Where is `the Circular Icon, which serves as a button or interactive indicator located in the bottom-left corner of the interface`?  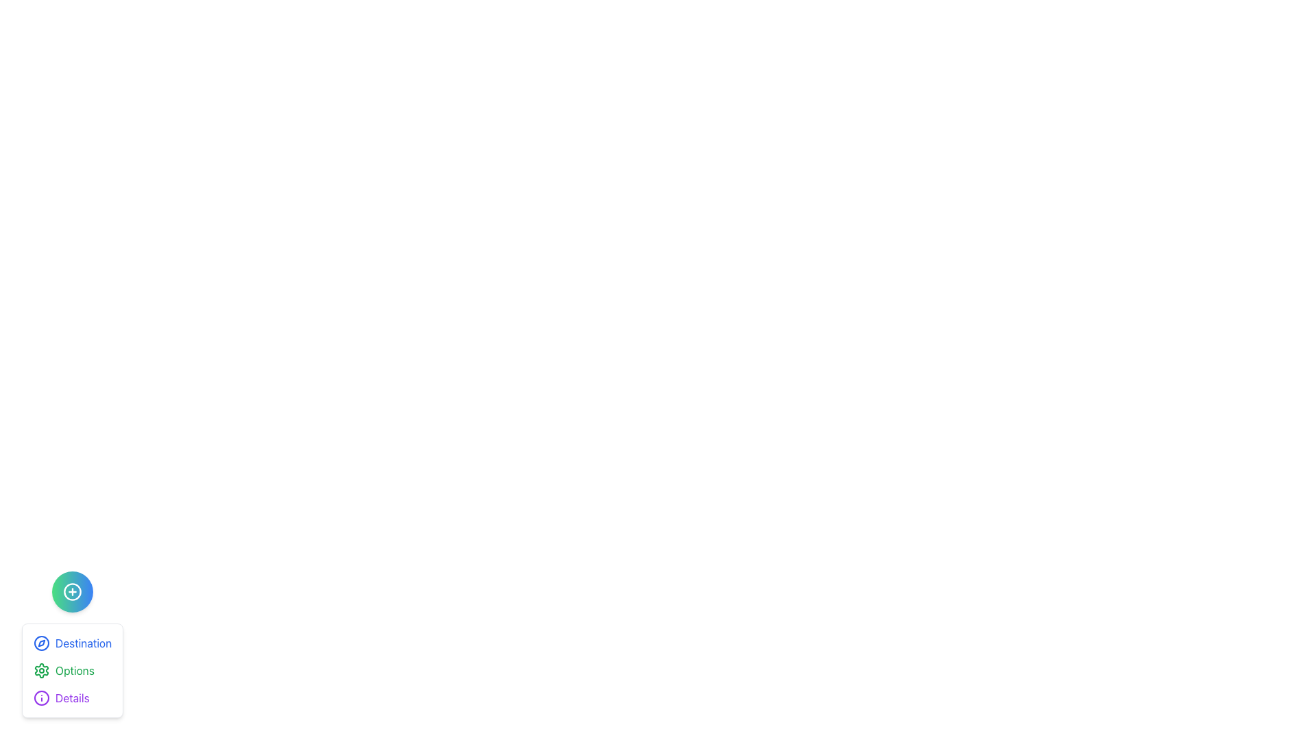
the Circular Icon, which serves as a button or interactive indicator located in the bottom-left corner of the interface is located at coordinates (71, 591).